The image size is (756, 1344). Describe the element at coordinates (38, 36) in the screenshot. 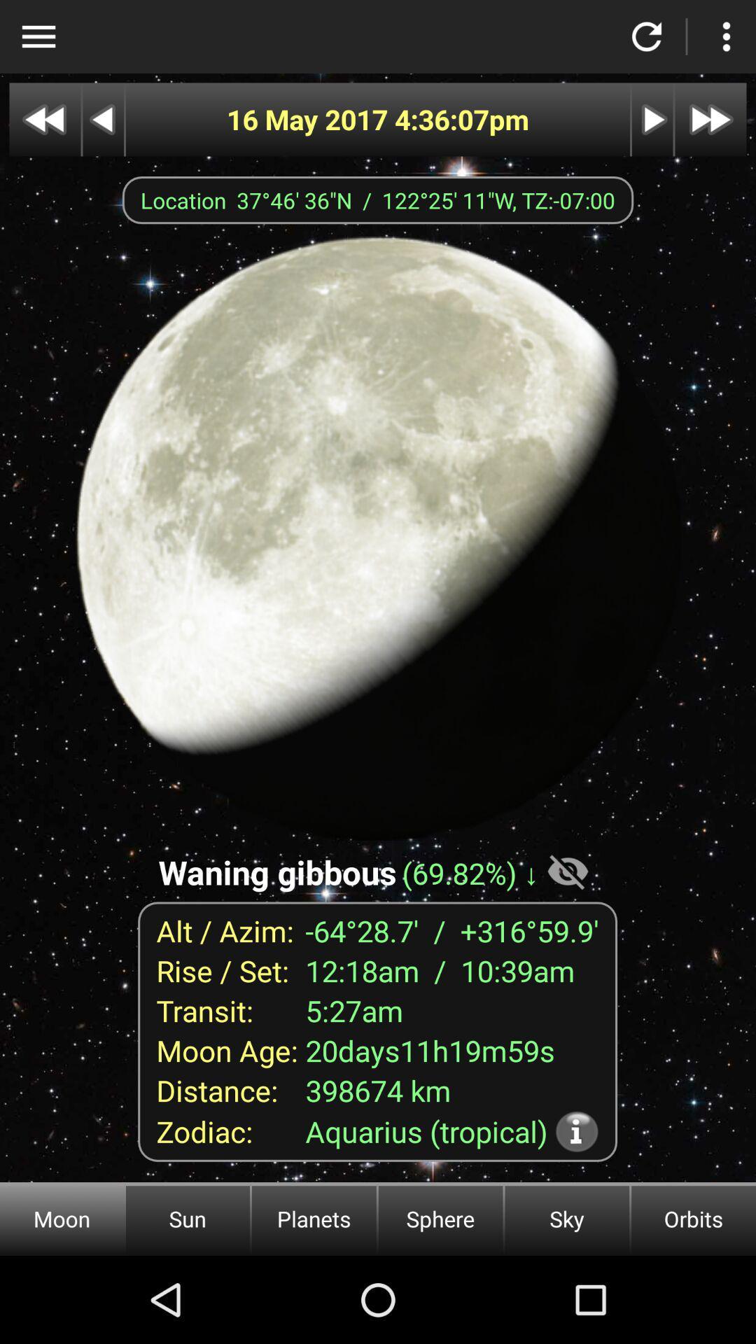

I see `menu` at that location.